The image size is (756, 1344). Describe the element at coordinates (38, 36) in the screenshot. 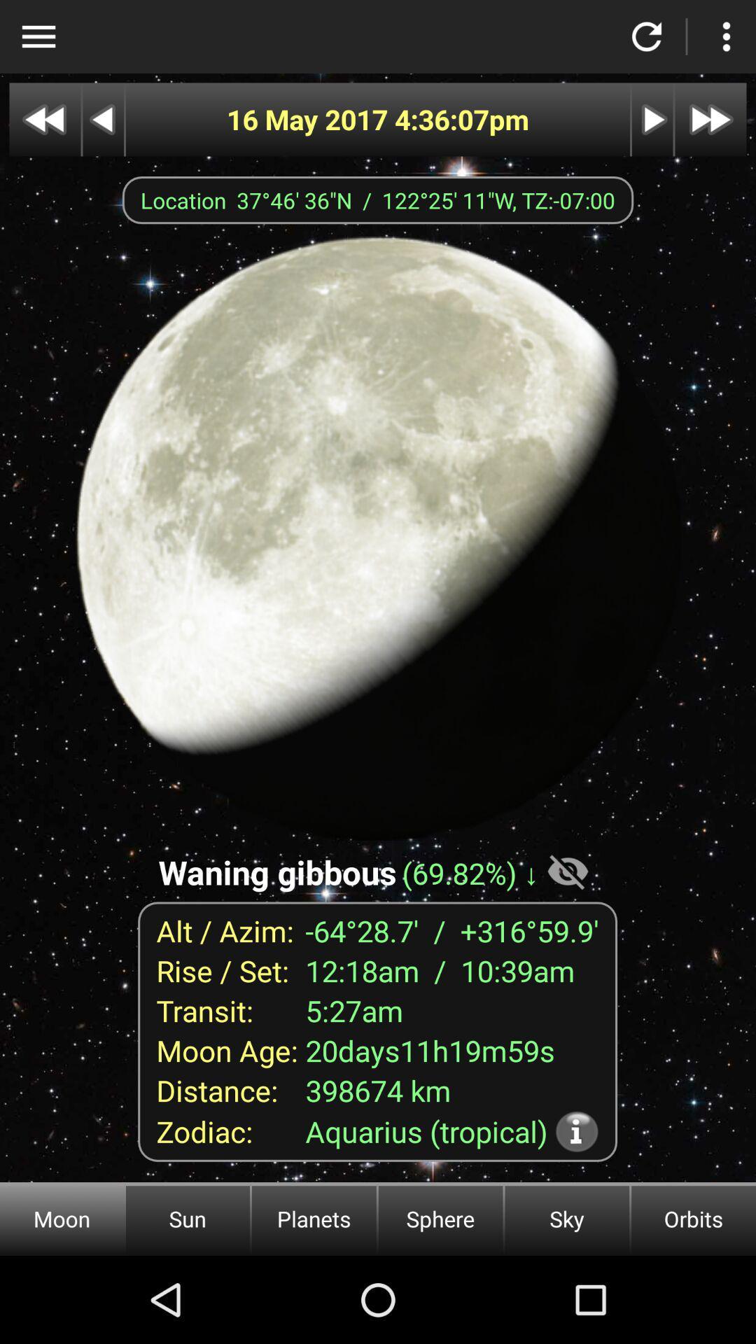

I see `menu` at that location.